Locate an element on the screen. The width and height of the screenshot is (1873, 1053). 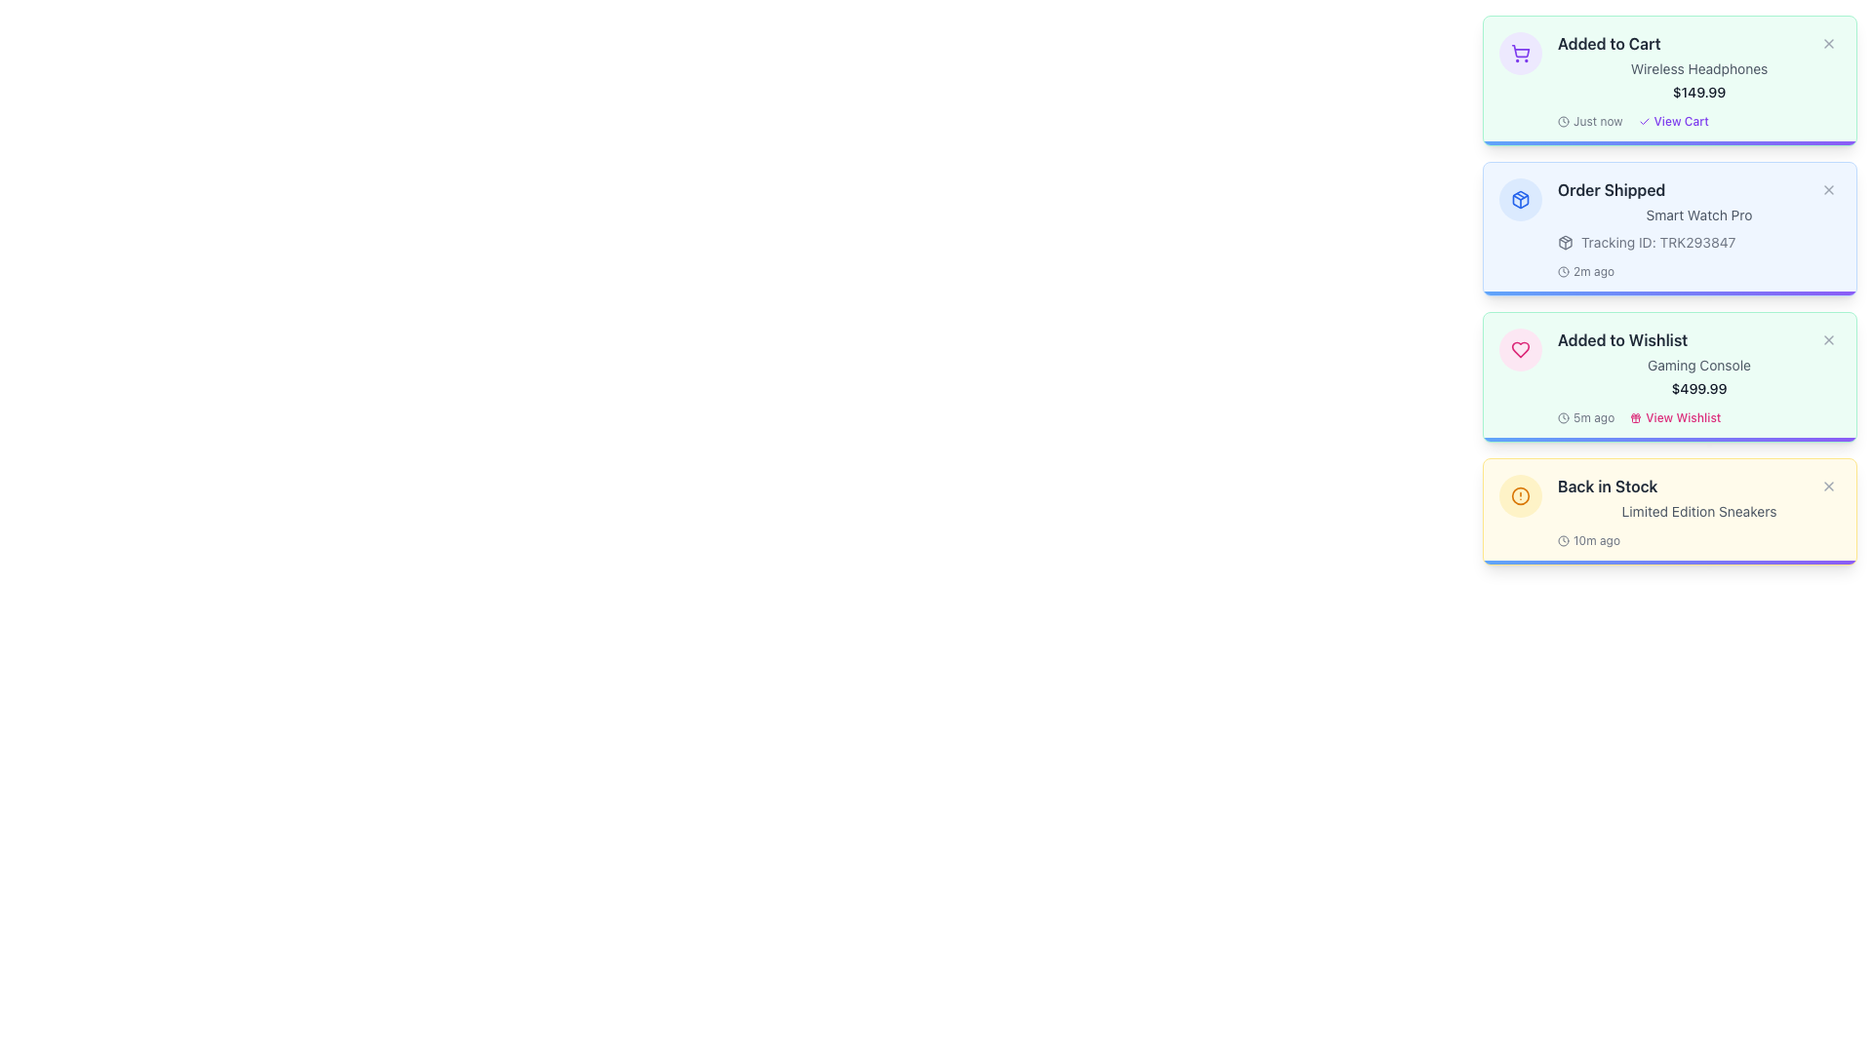
the circular icon with thin borders located within the 'Back in Stock' notification card is located at coordinates (1564, 541).